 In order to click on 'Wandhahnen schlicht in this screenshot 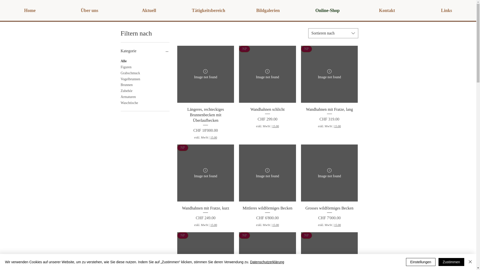, I will do `click(238, 74)`.